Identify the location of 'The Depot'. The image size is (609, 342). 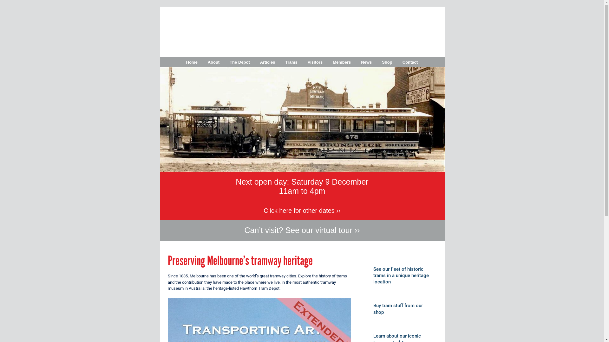
(239, 62).